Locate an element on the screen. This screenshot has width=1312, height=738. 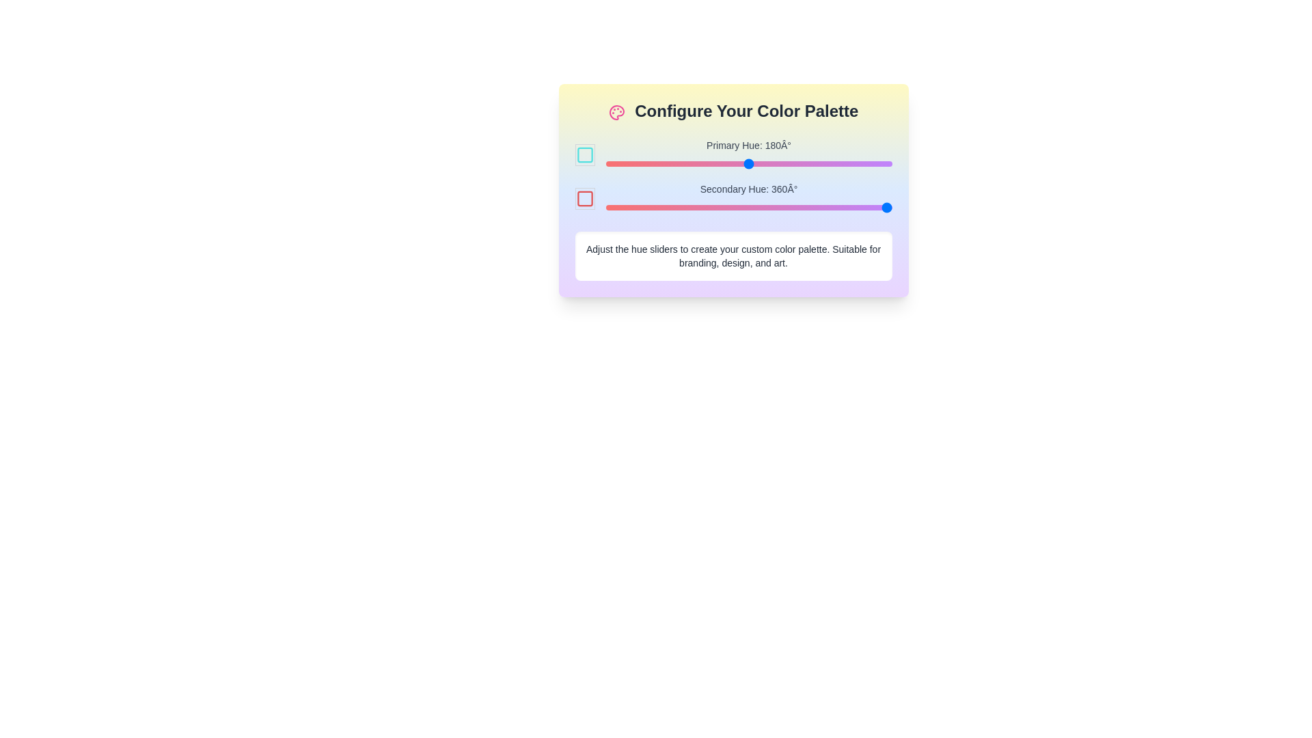
the primary hue slider to 157 degrees is located at coordinates (730, 163).